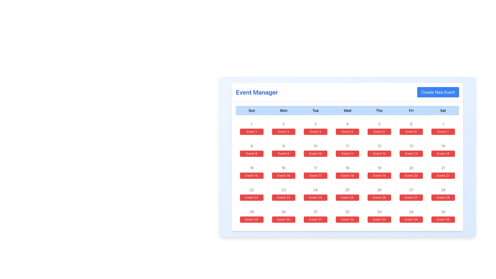 This screenshot has width=496, height=279. What do you see at coordinates (347, 146) in the screenshot?
I see `the static text representing the date number '11' in the calendar layout, which is positioned above the 'Event 11' button` at bounding box center [347, 146].